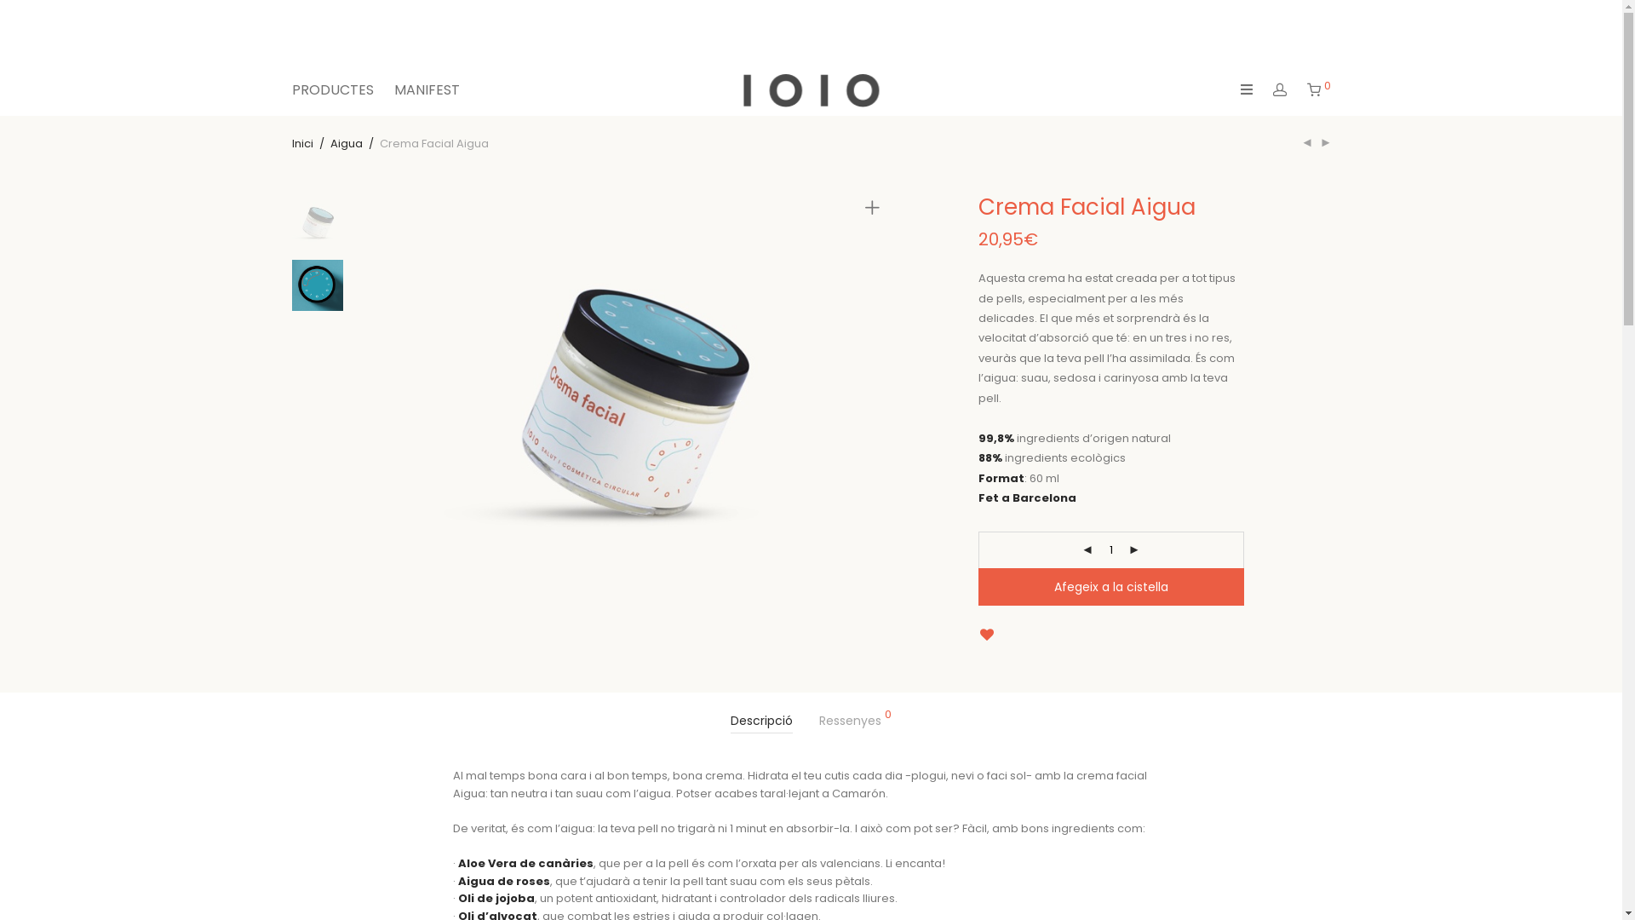  I want to click on 'cremafacial-680x500-OFF', so click(630, 379).